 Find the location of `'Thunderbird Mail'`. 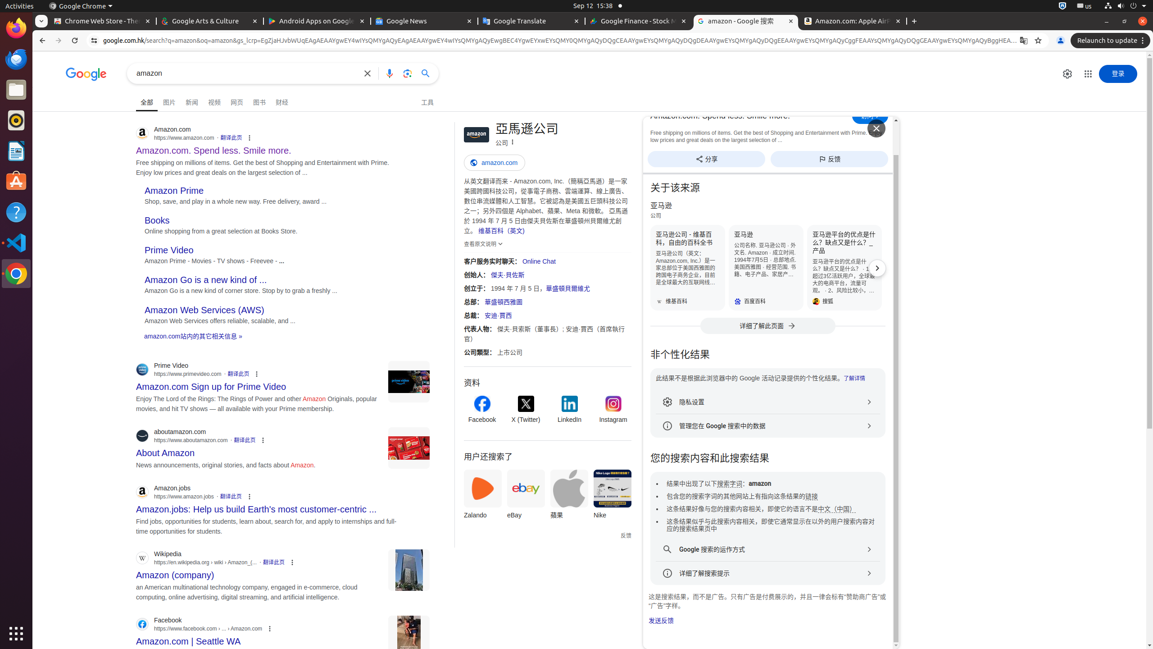

'Thunderbird Mail' is located at coordinates (16, 59).